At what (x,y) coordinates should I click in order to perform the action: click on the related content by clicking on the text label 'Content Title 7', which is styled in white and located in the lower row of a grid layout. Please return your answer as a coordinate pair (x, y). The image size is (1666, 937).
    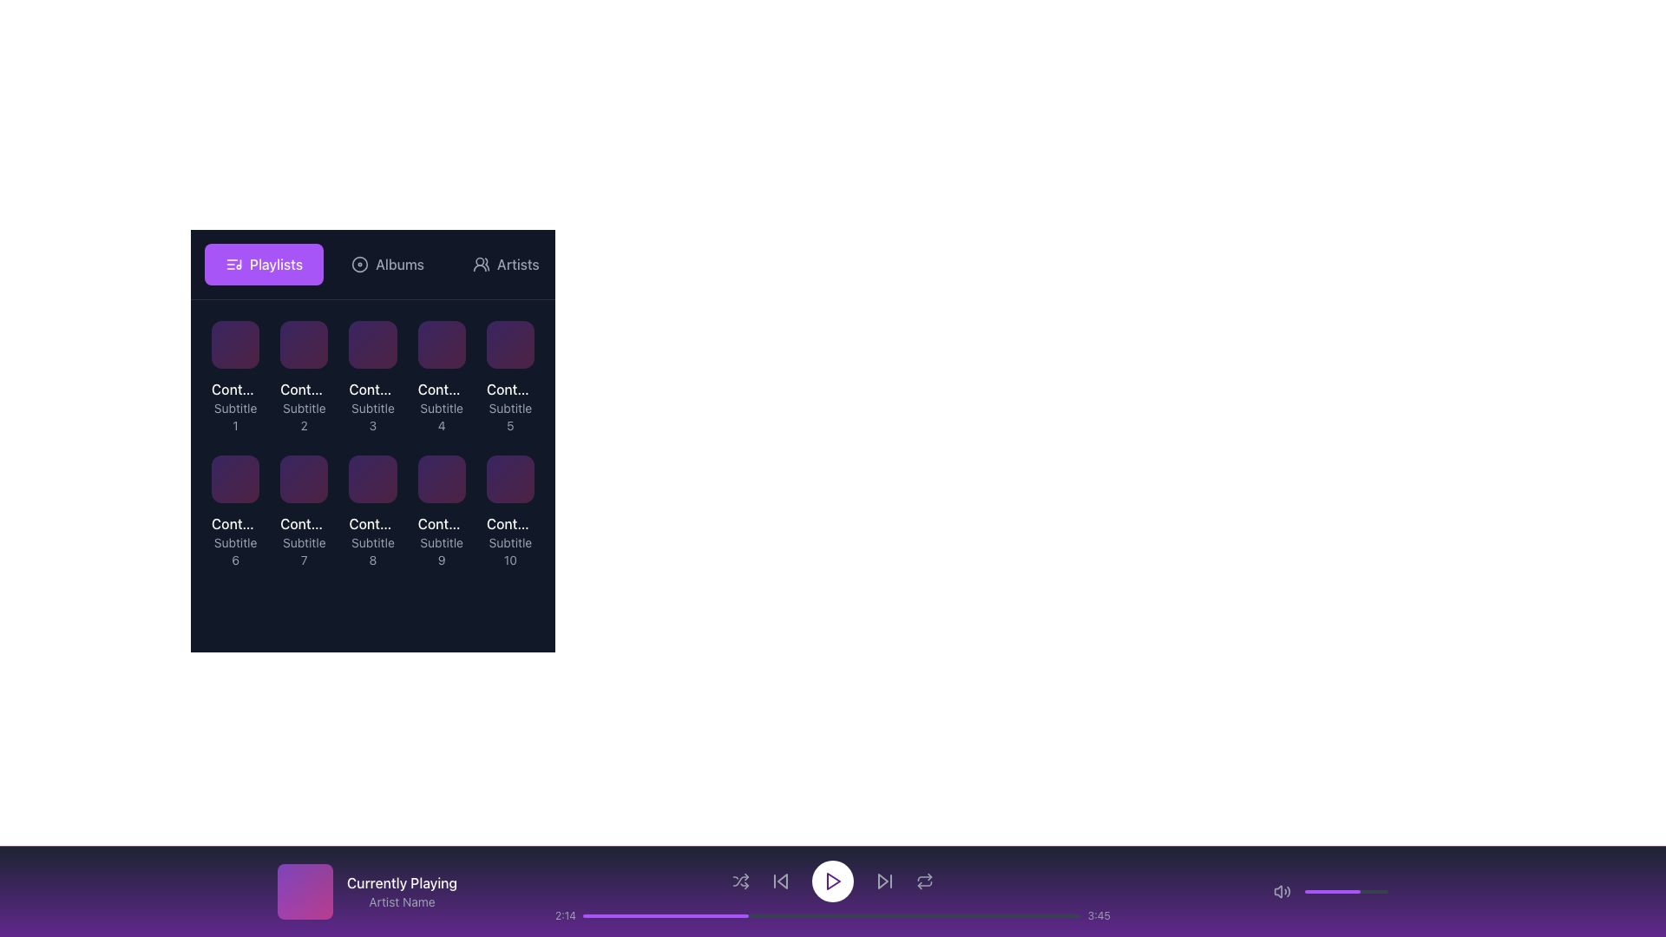
    Looking at the image, I should click on (304, 523).